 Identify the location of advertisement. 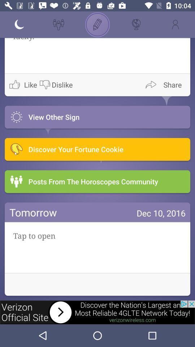
(97, 312).